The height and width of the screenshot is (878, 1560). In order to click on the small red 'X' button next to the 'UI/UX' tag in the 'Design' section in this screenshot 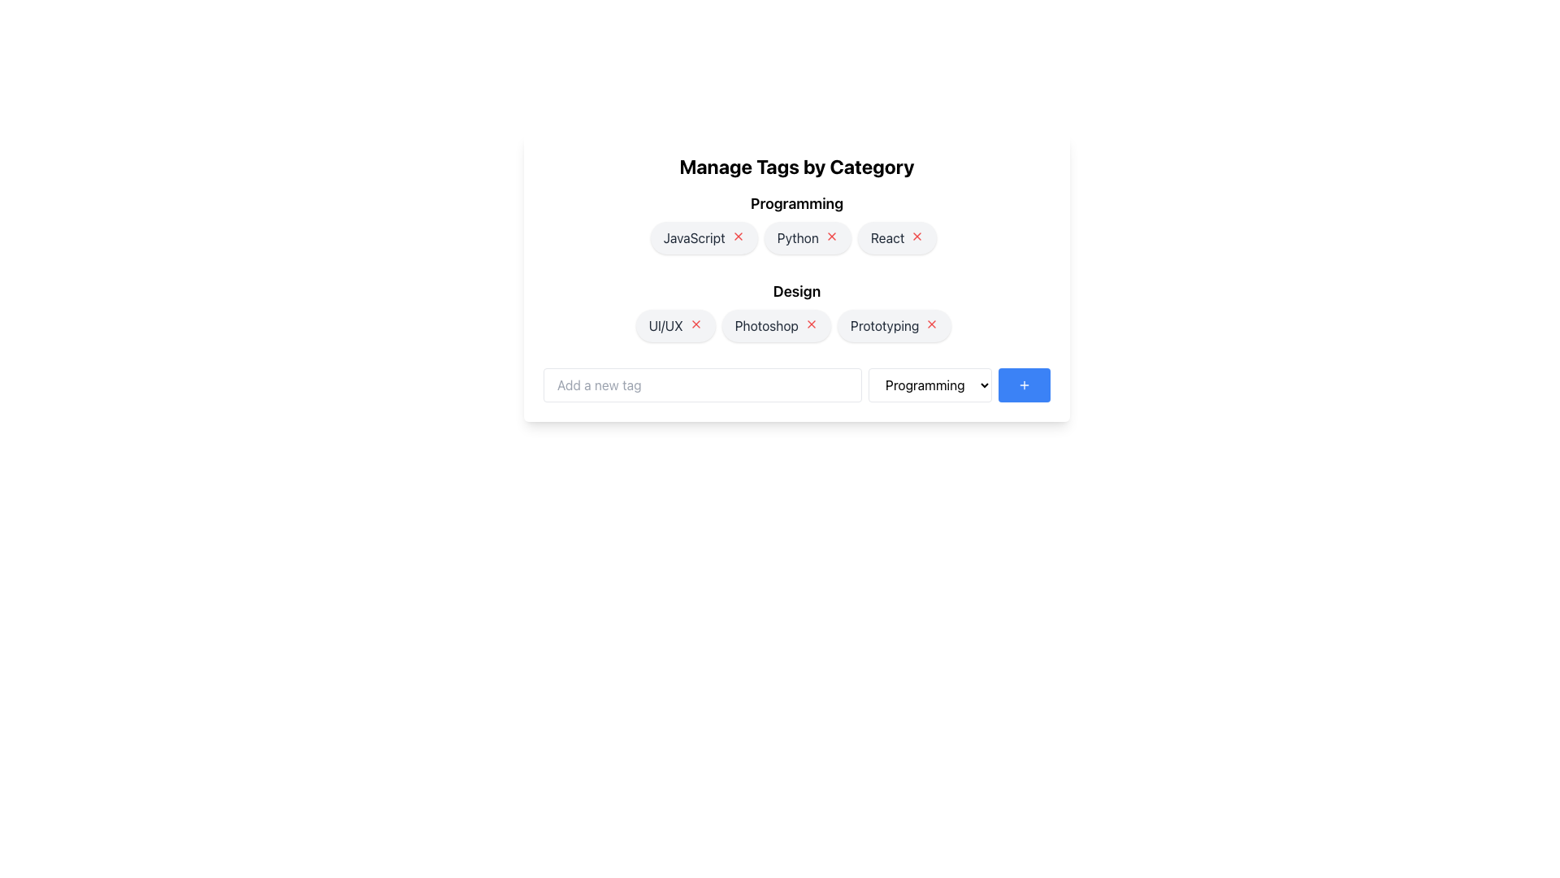, I will do `click(695, 324)`.